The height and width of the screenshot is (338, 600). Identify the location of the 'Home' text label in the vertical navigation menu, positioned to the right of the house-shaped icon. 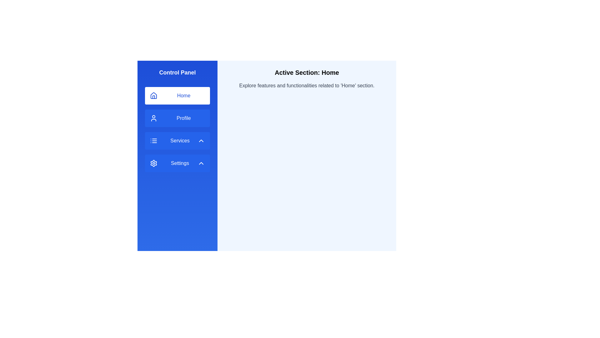
(183, 95).